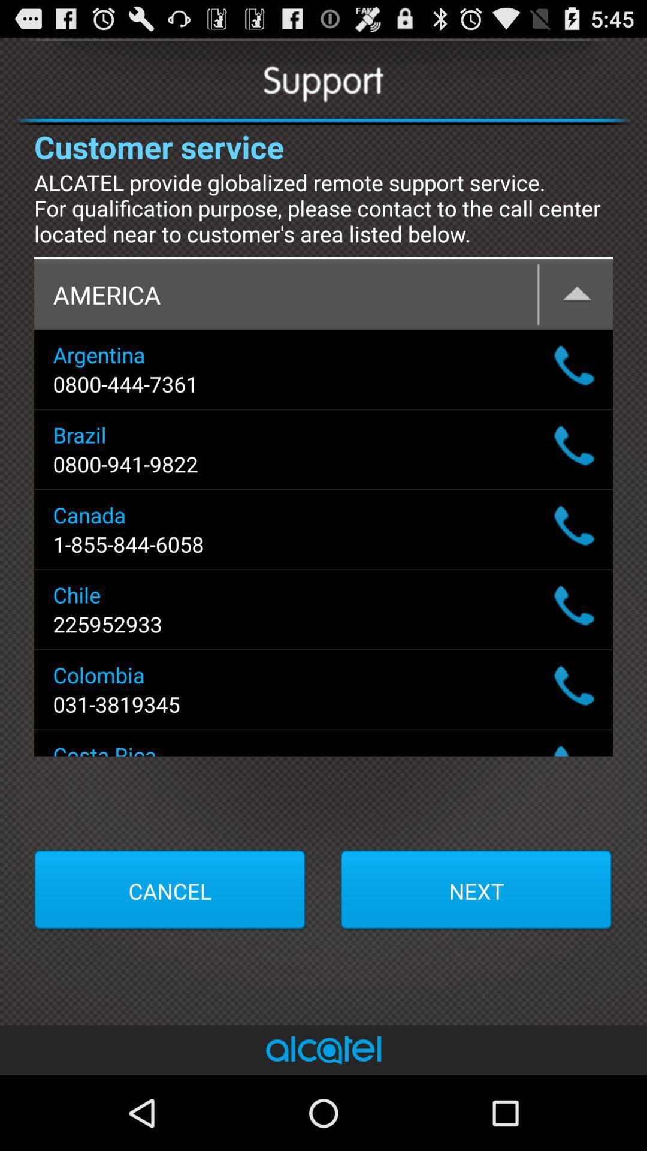 Image resolution: width=647 pixels, height=1151 pixels. I want to click on the text america, so click(323, 294).